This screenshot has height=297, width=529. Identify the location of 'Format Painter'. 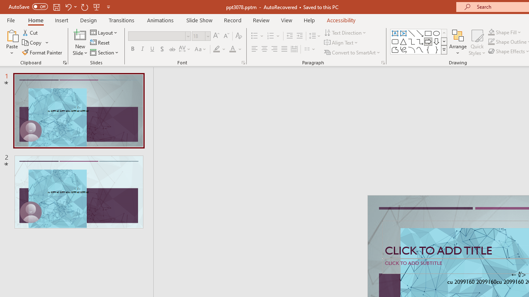
(42, 52).